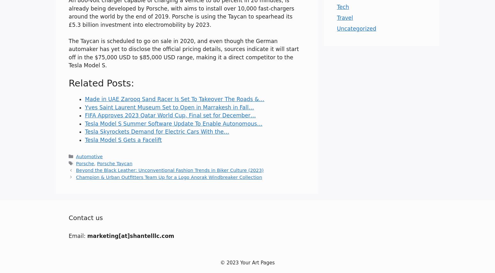 This screenshot has height=273, width=495. I want to click on '© 2023 Your Art Pages', so click(247, 262).